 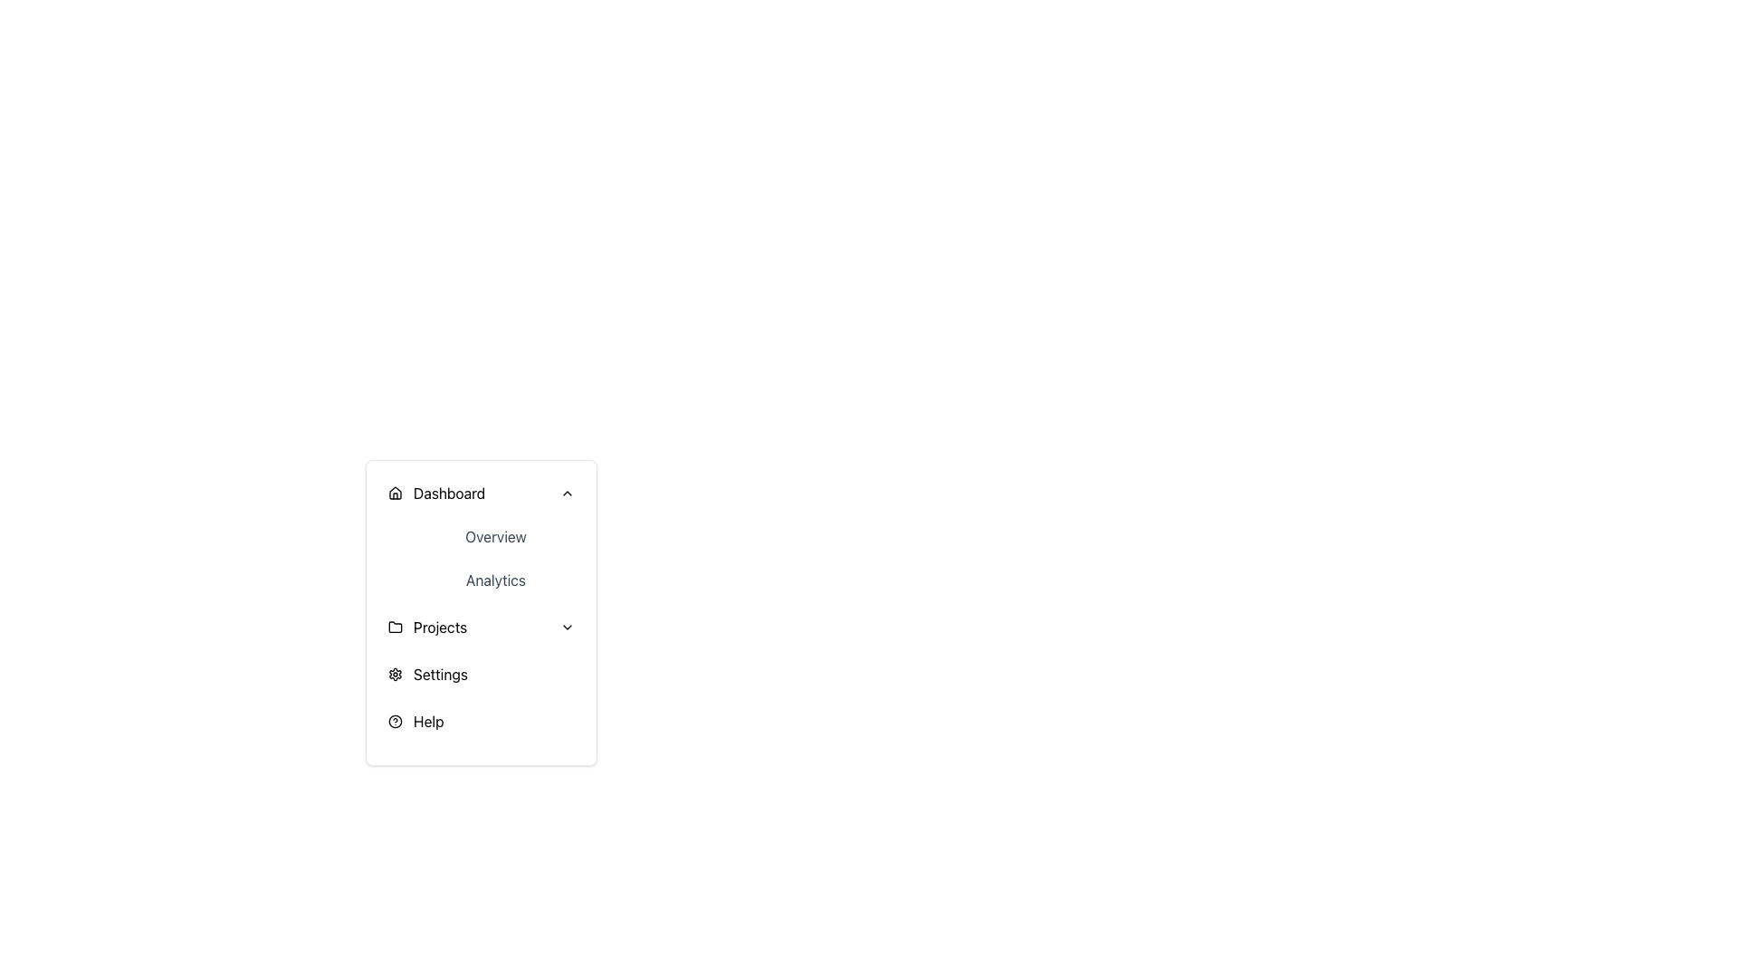 I want to click on the circular graphical help icon located in the bottom-most section of the menu, adjacent to the 'Help' text label, so click(x=394, y=721).